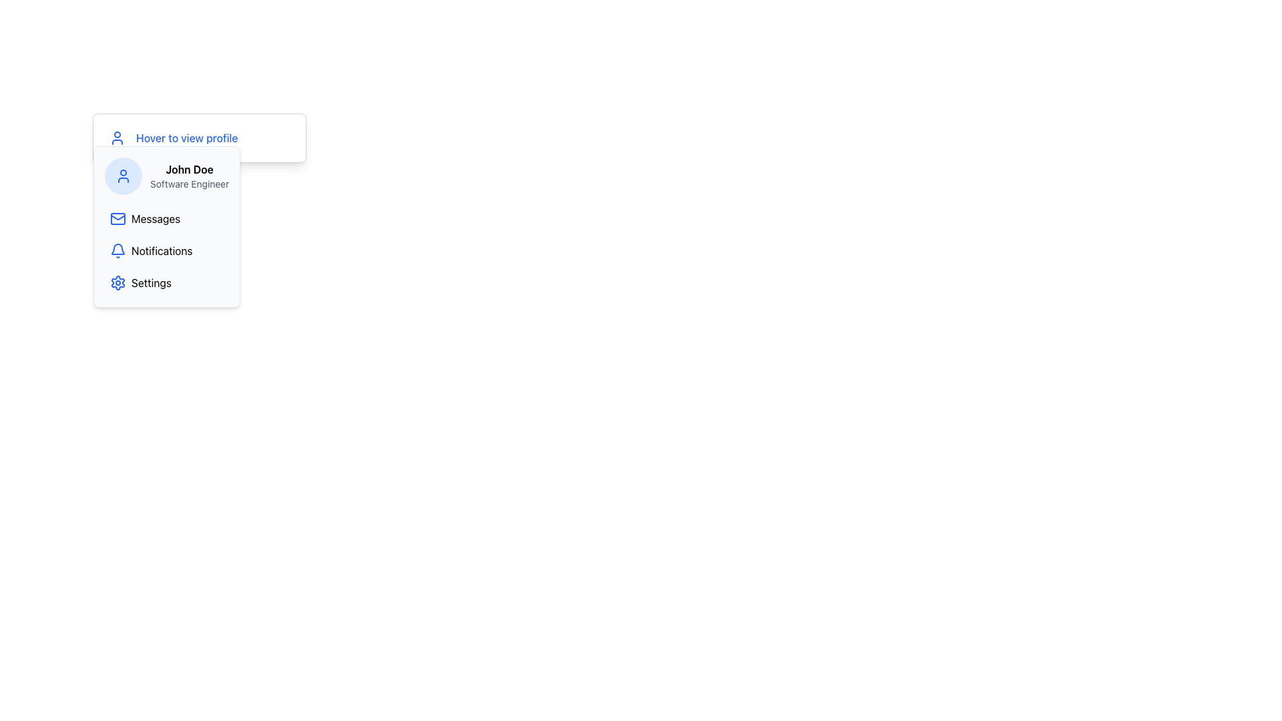 The width and height of the screenshot is (1282, 721). Describe the element at coordinates (166, 218) in the screenshot. I see `the 'Messages' menu item, which is the first entry in the vertical list of options in the navigation menu` at that location.